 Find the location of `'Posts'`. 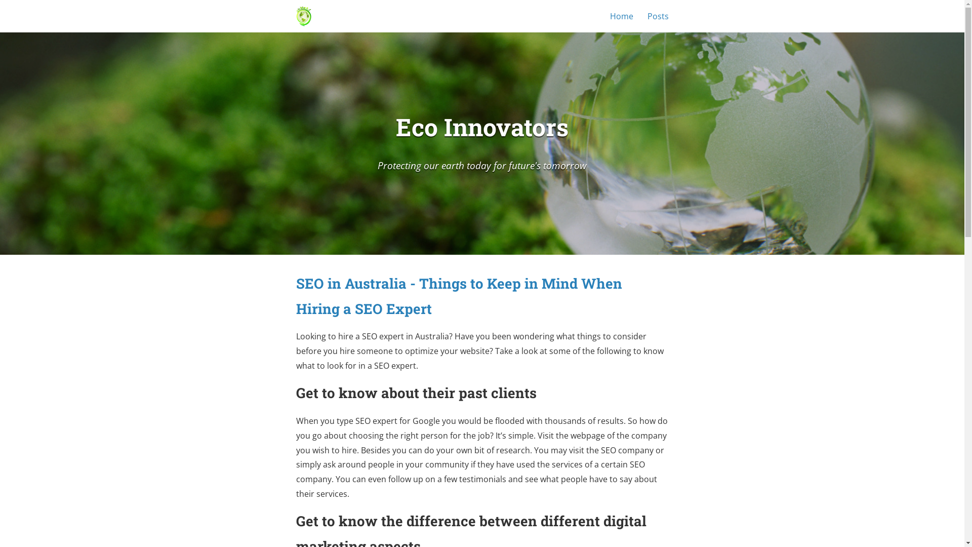

'Posts' is located at coordinates (661, 16).